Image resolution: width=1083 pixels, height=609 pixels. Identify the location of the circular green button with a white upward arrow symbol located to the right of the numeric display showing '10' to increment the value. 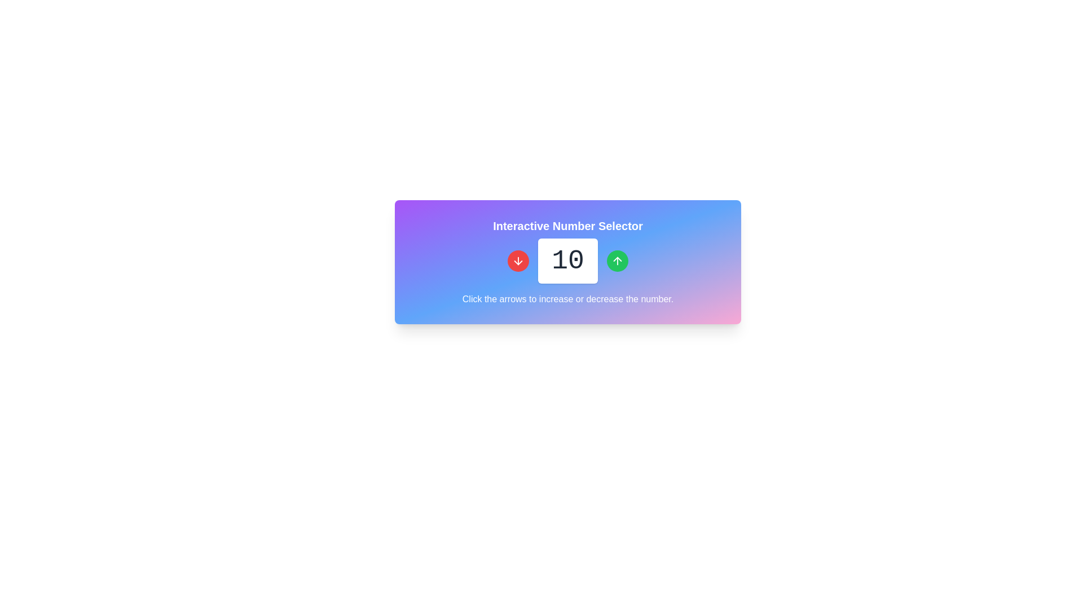
(617, 261).